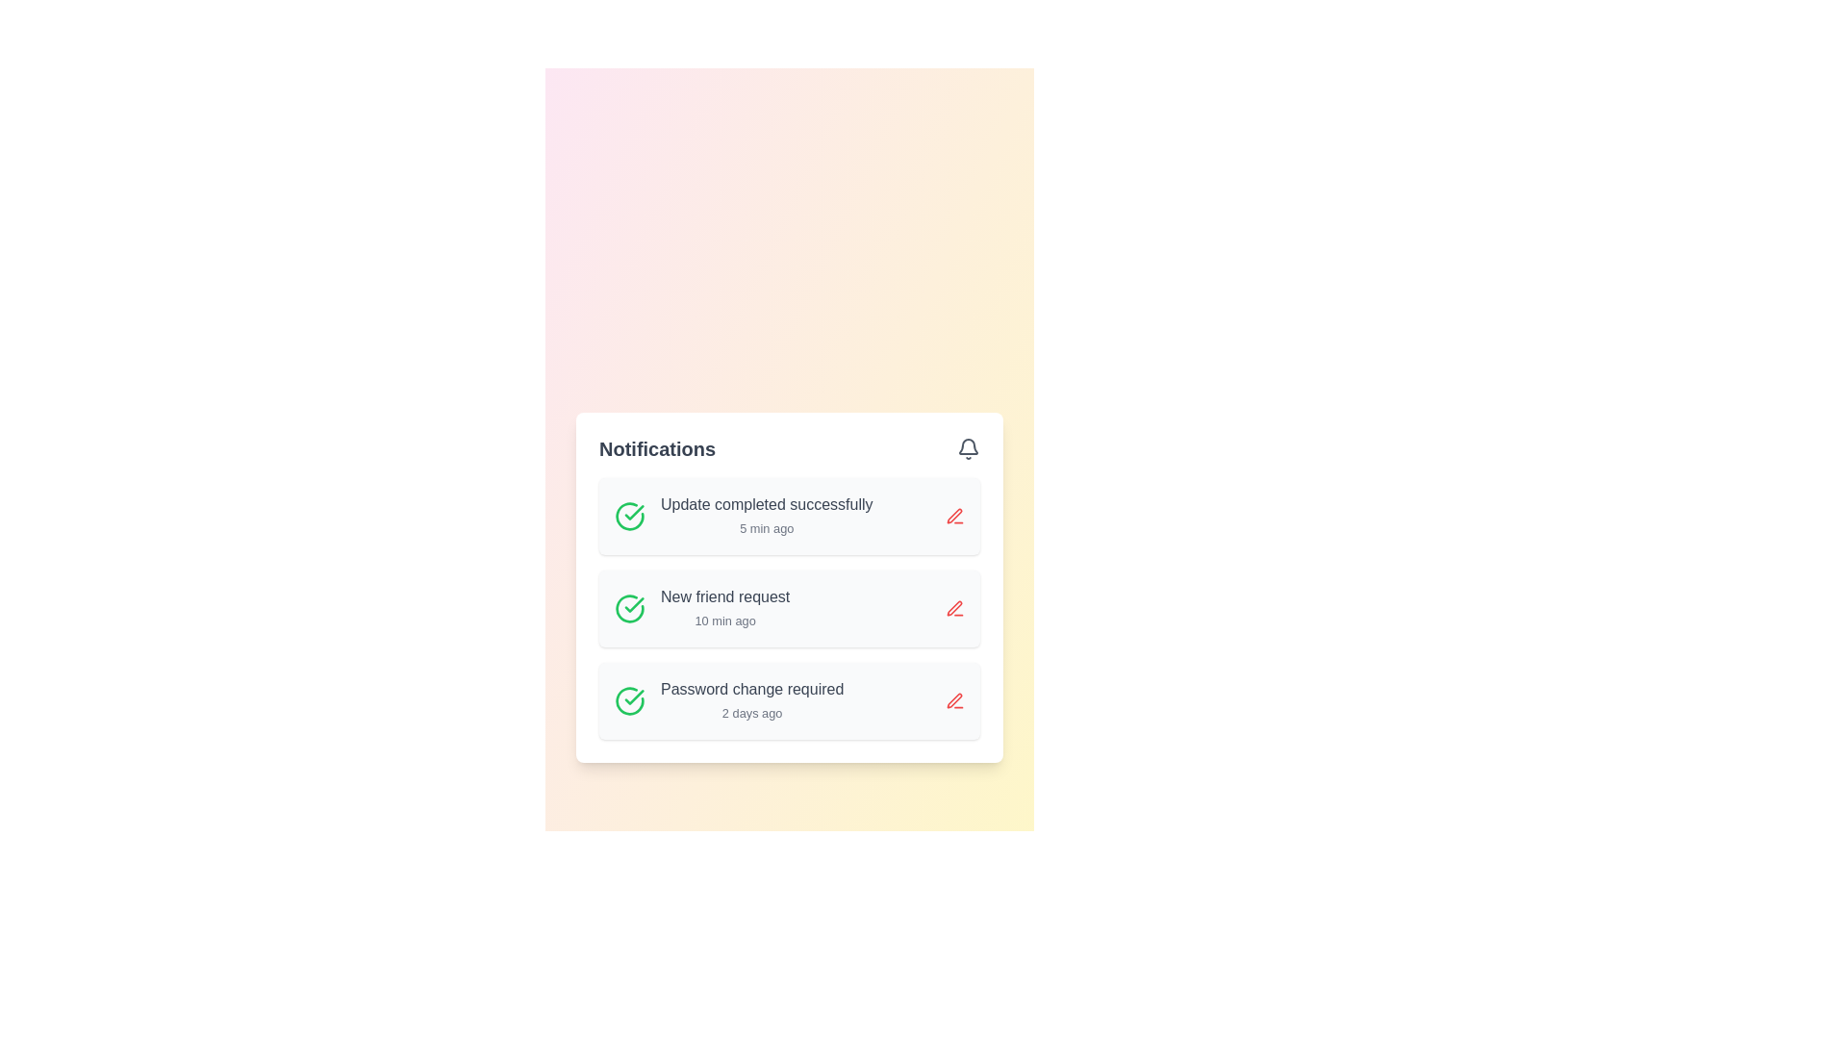  What do you see at coordinates (629, 515) in the screenshot?
I see `the circular green checkmark icon located at the top-left corner of the notification item titled 'Update completed successfully' with timestamp '5 min ago' for additional action` at bounding box center [629, 515].